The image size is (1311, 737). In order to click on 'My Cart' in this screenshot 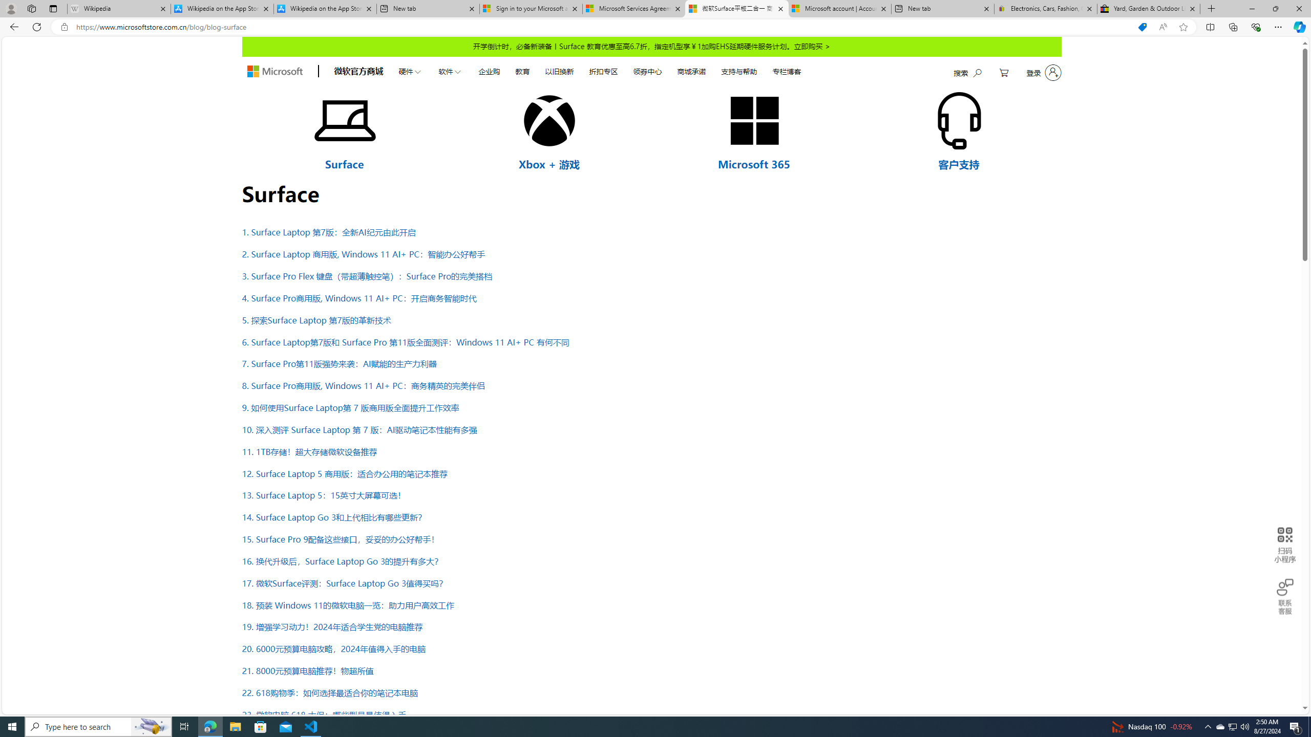, I will do `click(1004, 72)`.